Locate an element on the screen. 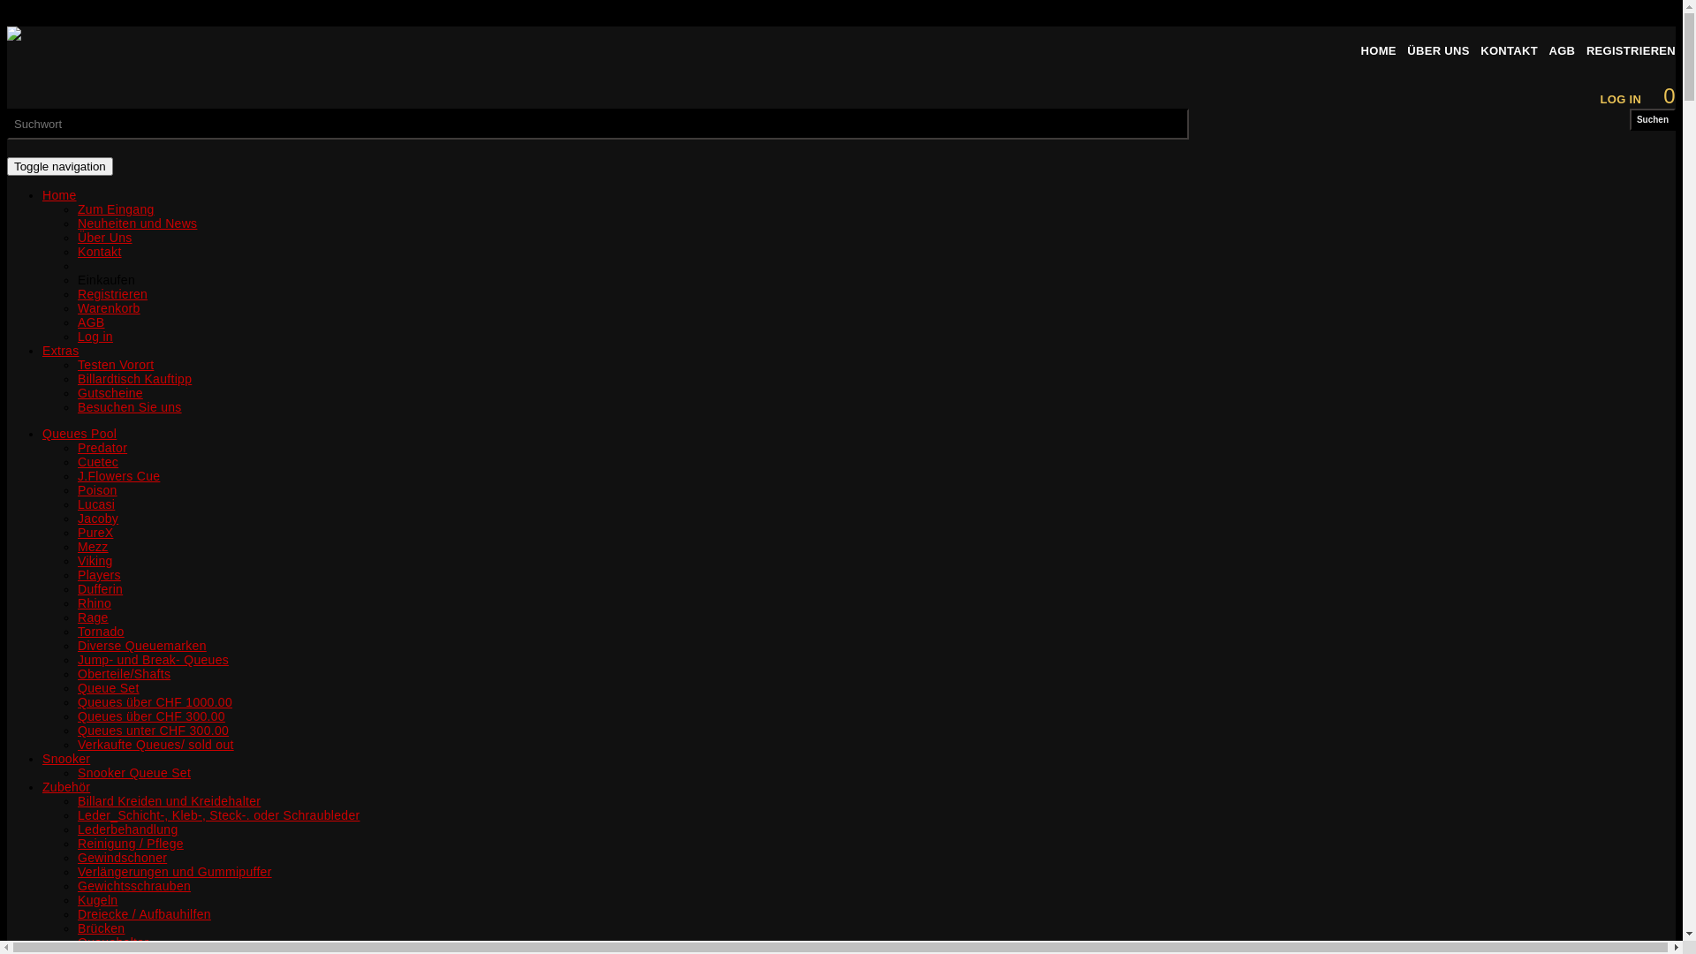 The width and height of the screenshot is (1696, 954). 'Predator' is located at coordinates (76, 446).